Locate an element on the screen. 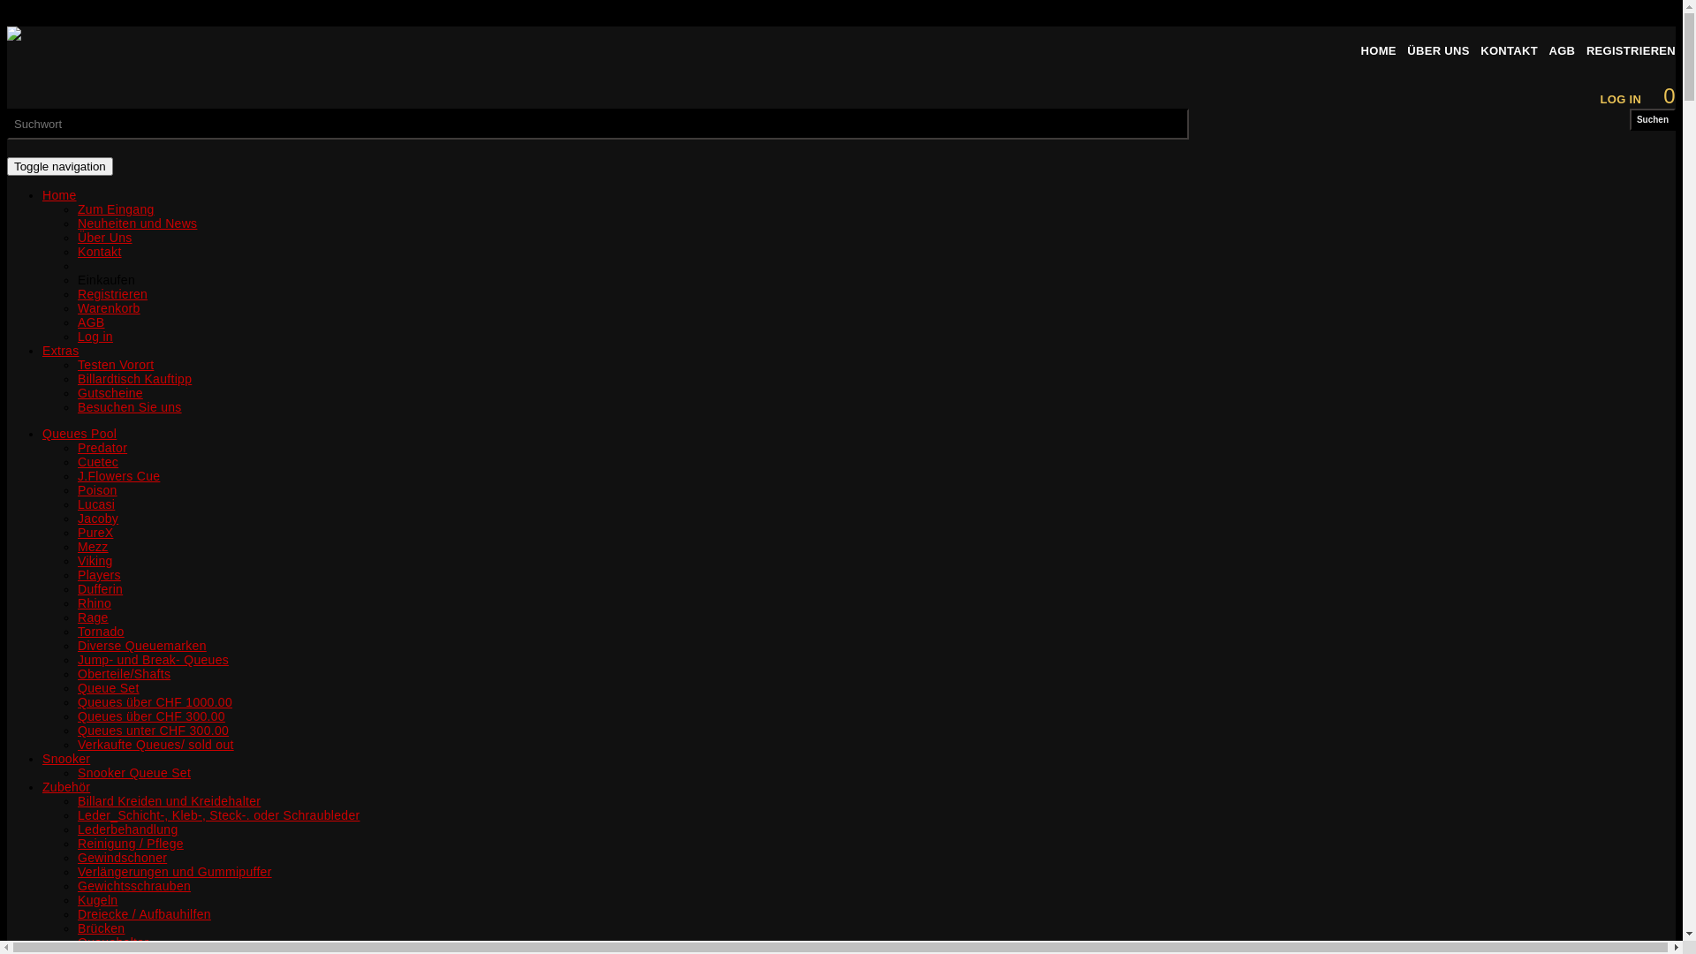 The width and height of the screenshot is (1696, 954). 'Predator' is located at coordinates (76, 446).